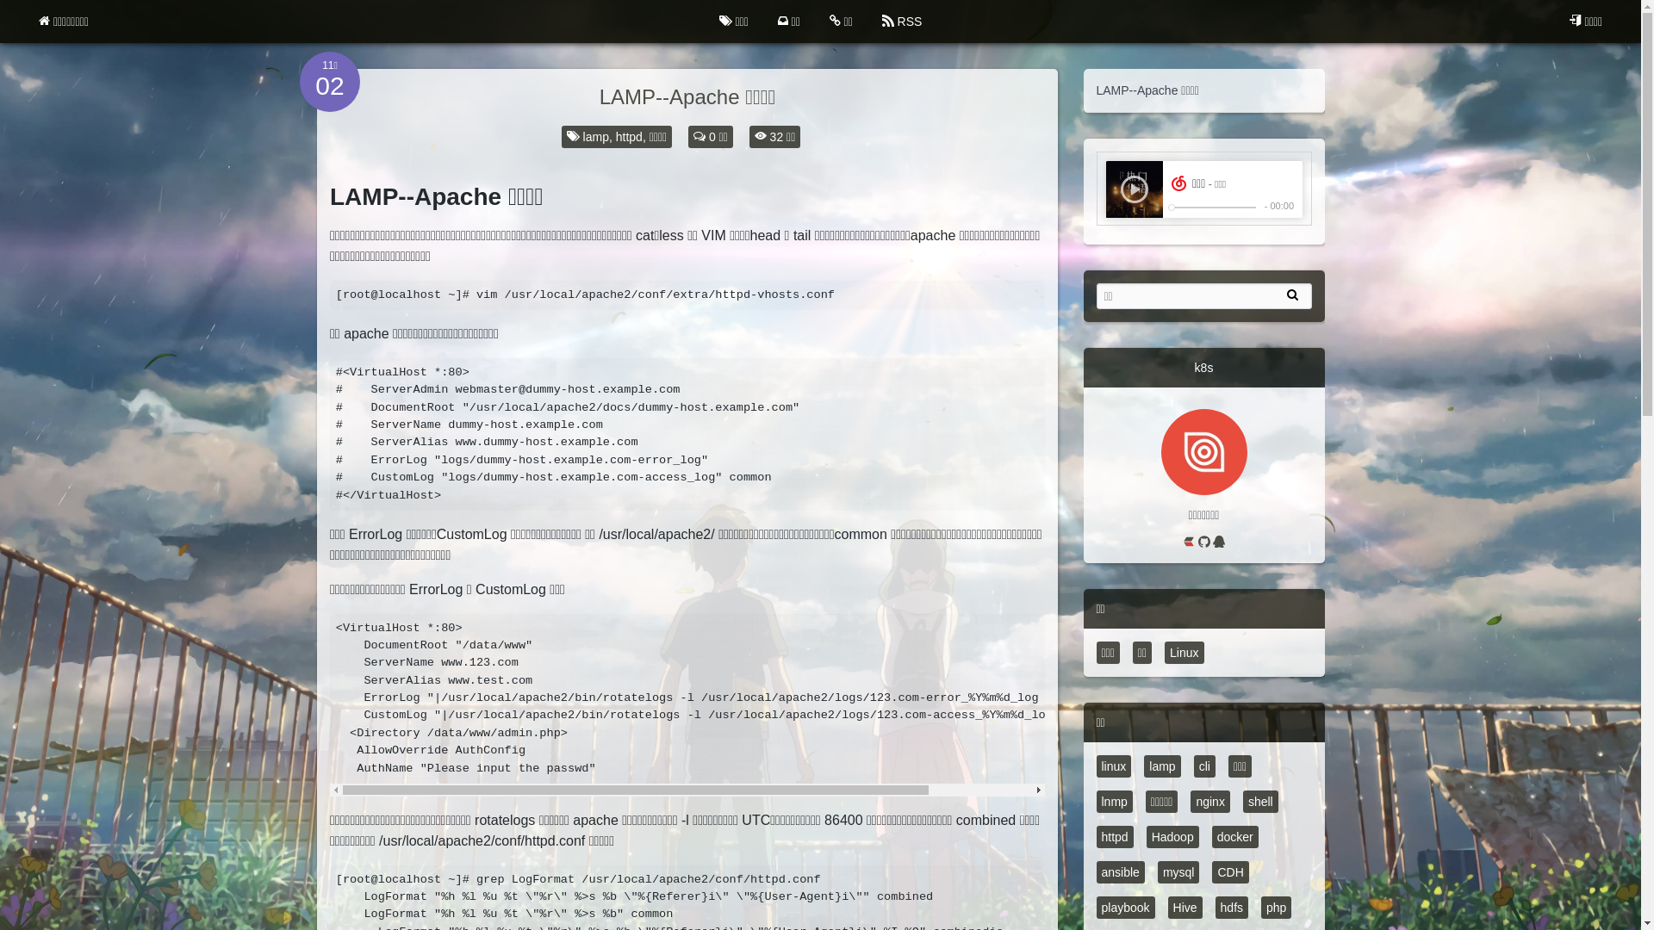  What do you see at coordinates (1178, 872) in the screenshot?
I see `'mysql'` at bounding box center [1178, 872].